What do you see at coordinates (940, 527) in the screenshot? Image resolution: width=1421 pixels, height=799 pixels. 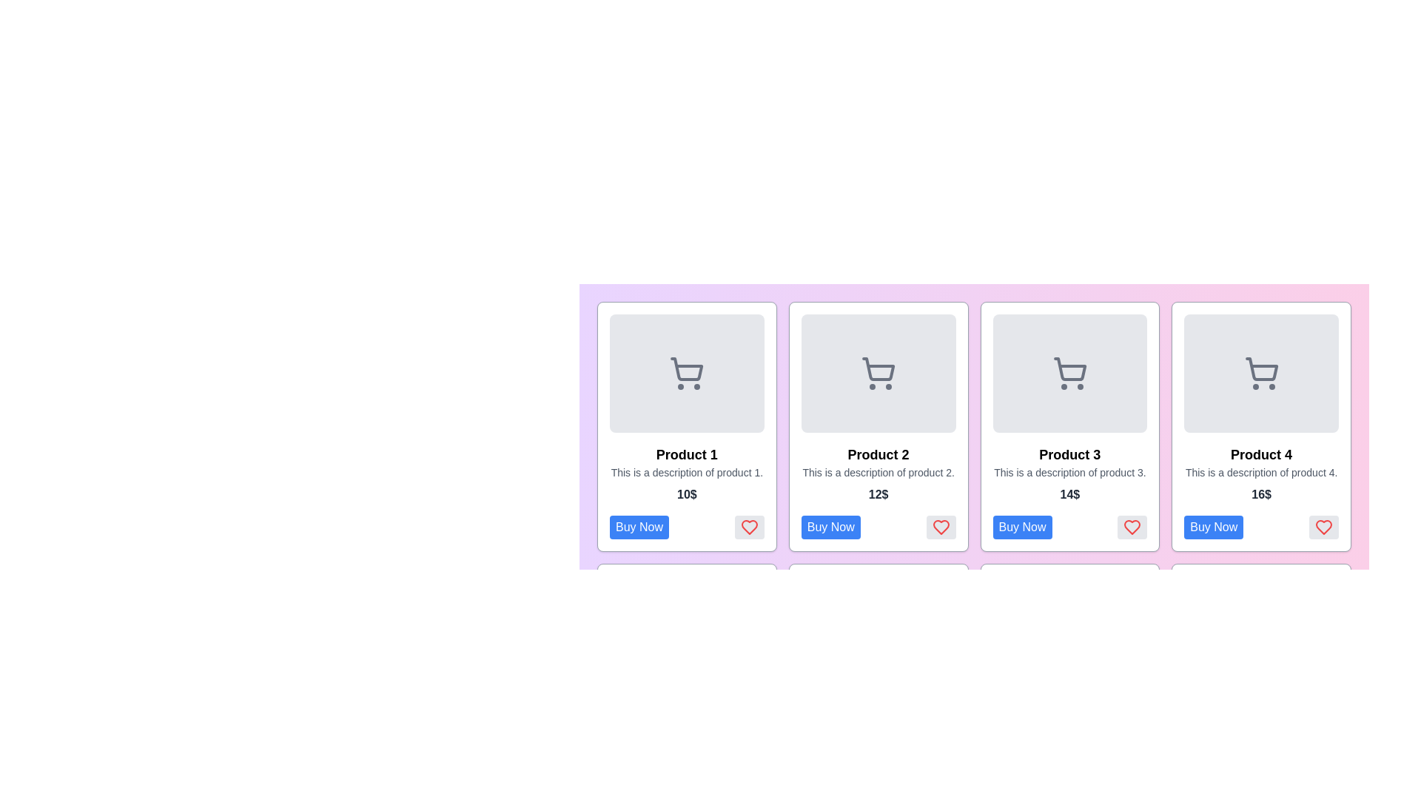 I see `the heart icon within the product card for 'Product 2' to mark or unmark it as a favorite` at bounding box center [940, 527].